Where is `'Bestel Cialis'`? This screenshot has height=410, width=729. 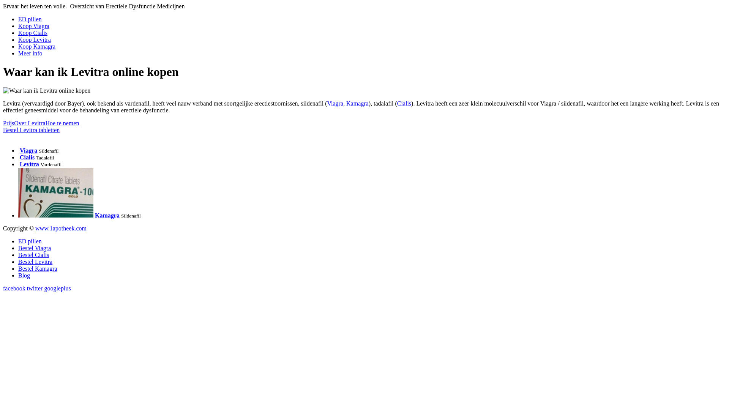
'Bestel Cialis' is located at coordinates (33, 255).